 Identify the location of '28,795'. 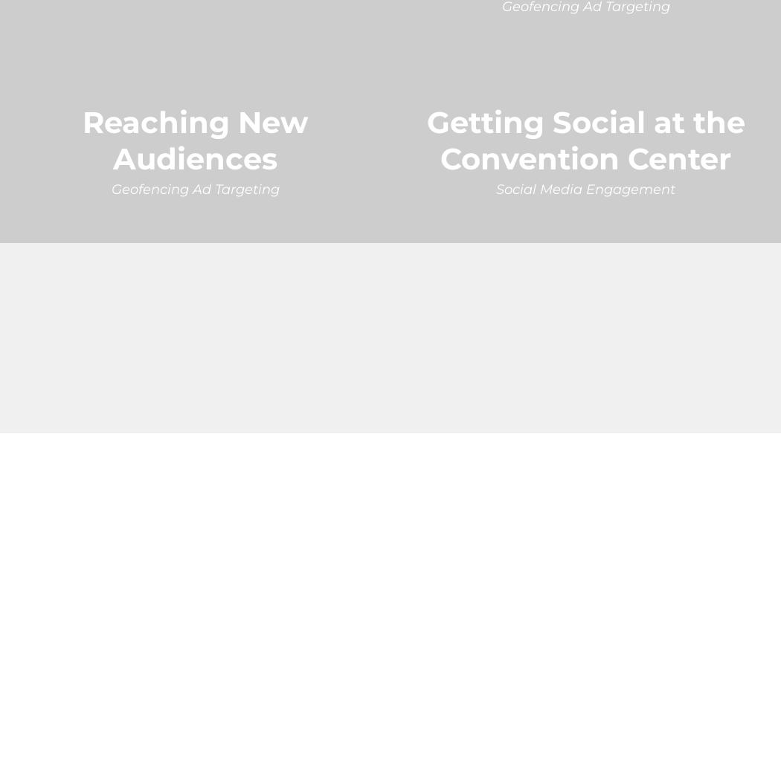
(481, 314).